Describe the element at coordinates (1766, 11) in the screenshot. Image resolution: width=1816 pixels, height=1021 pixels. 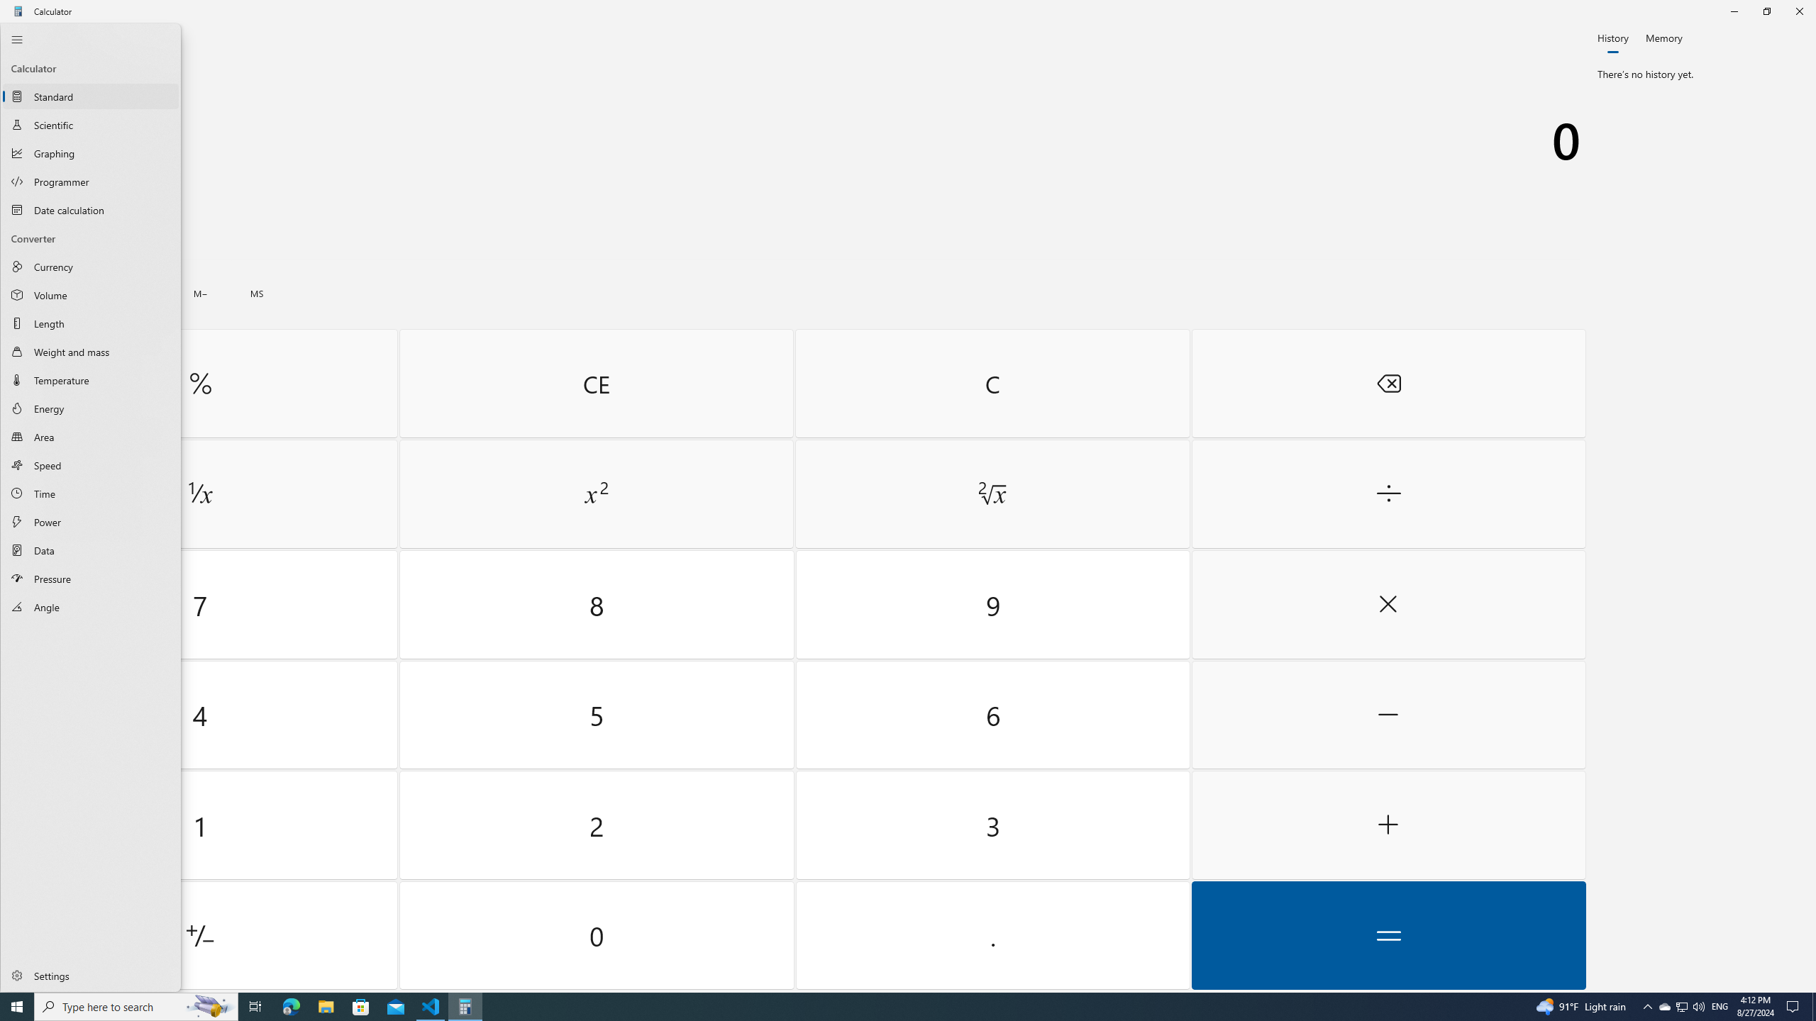
I see `'Restore Calculator'` at that location.